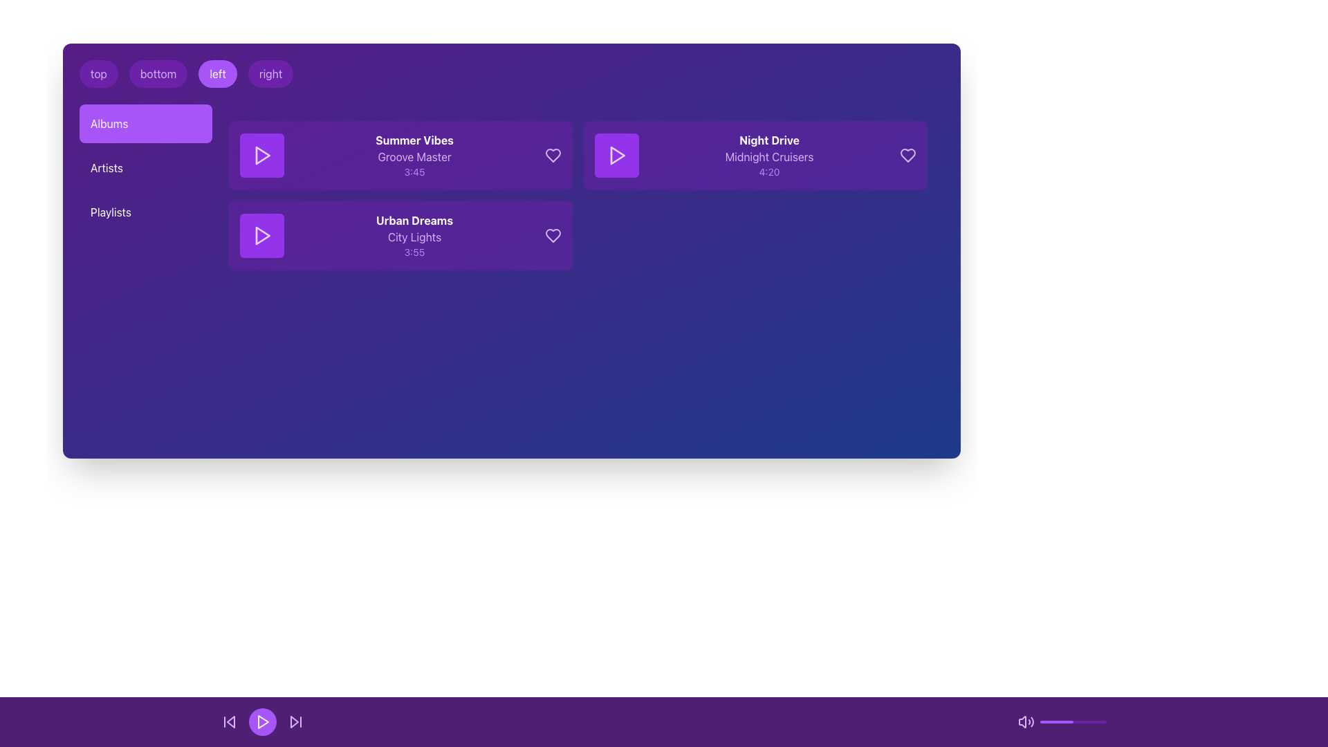  What do you see at coordinates (768, 155) in the screenshot?
I see `the Text block (multiline) displaying 'Night Drive', which is the third card in the music track list, located in the top-right section between a play button and a heart icon` at bounding box center [768, 155].